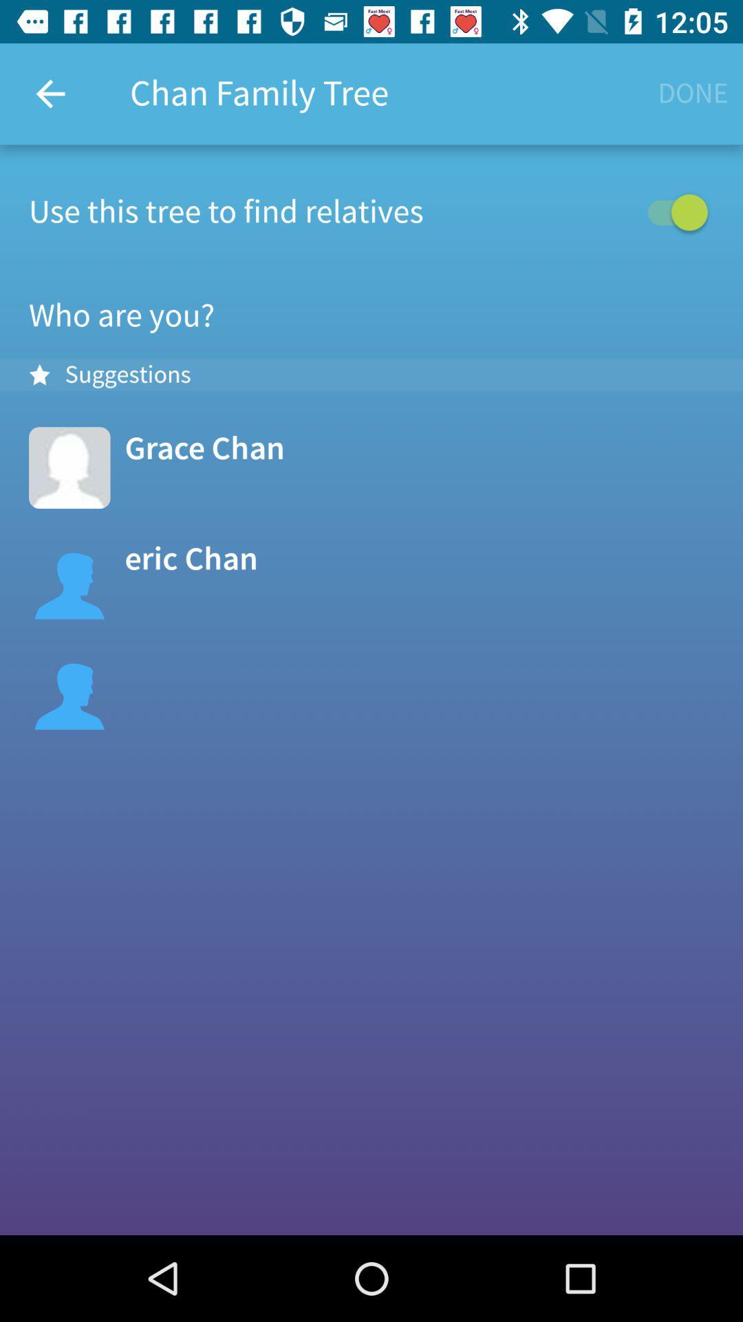 The height and width of the screenshot is (1322, 743). I want to click on the profile which is to the immediate left of grace chan, so click(69, 468).